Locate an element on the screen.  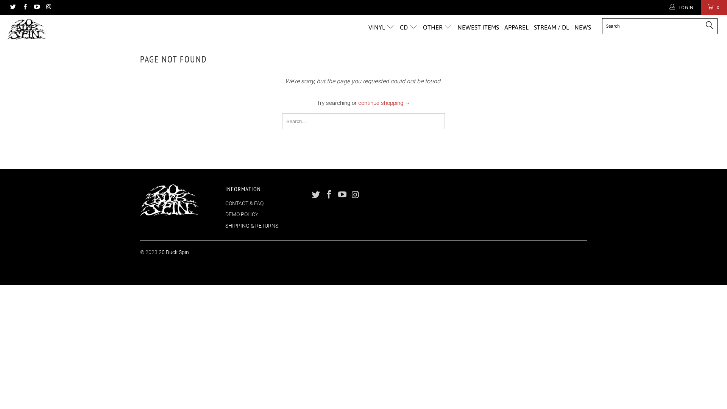
'20 Buck Spin' is located at coordinates (62, 29).